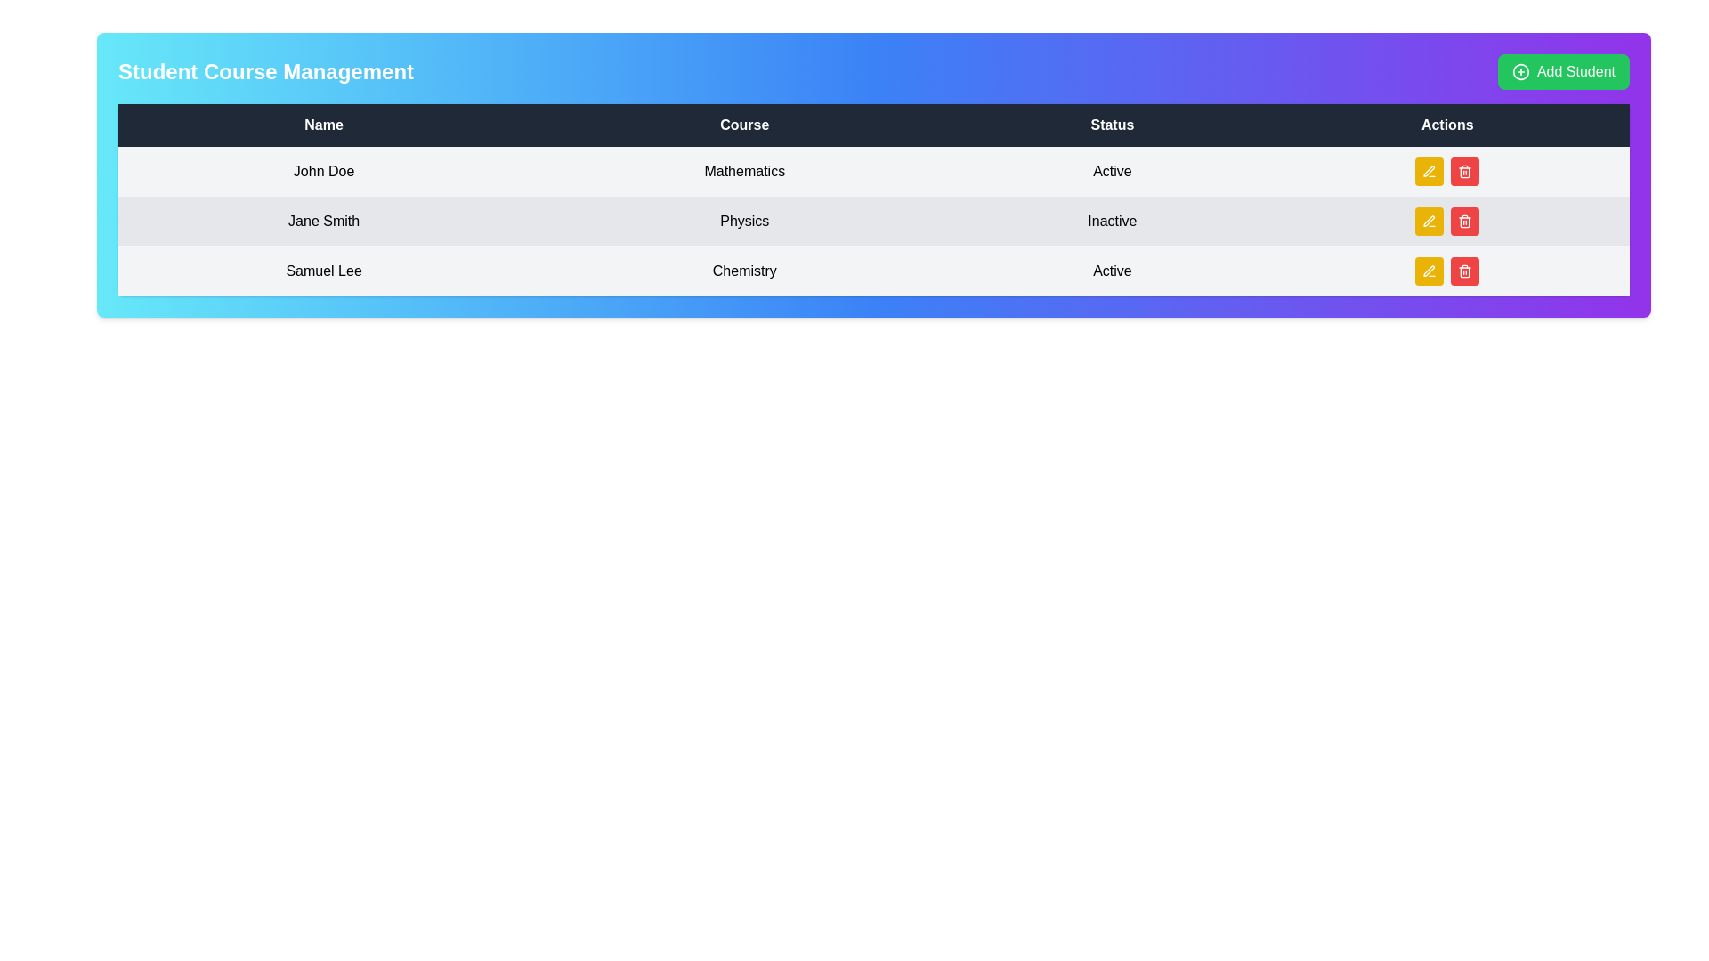 The width and height of the screenshot is (1709, 961). What do you see at coordinates (1111, 271) in the screenshot?
I see `the 'Active' text label located in the 'Status' column under the row for 'Samuel Lee' in the table` at bounding box center [1111, 271].